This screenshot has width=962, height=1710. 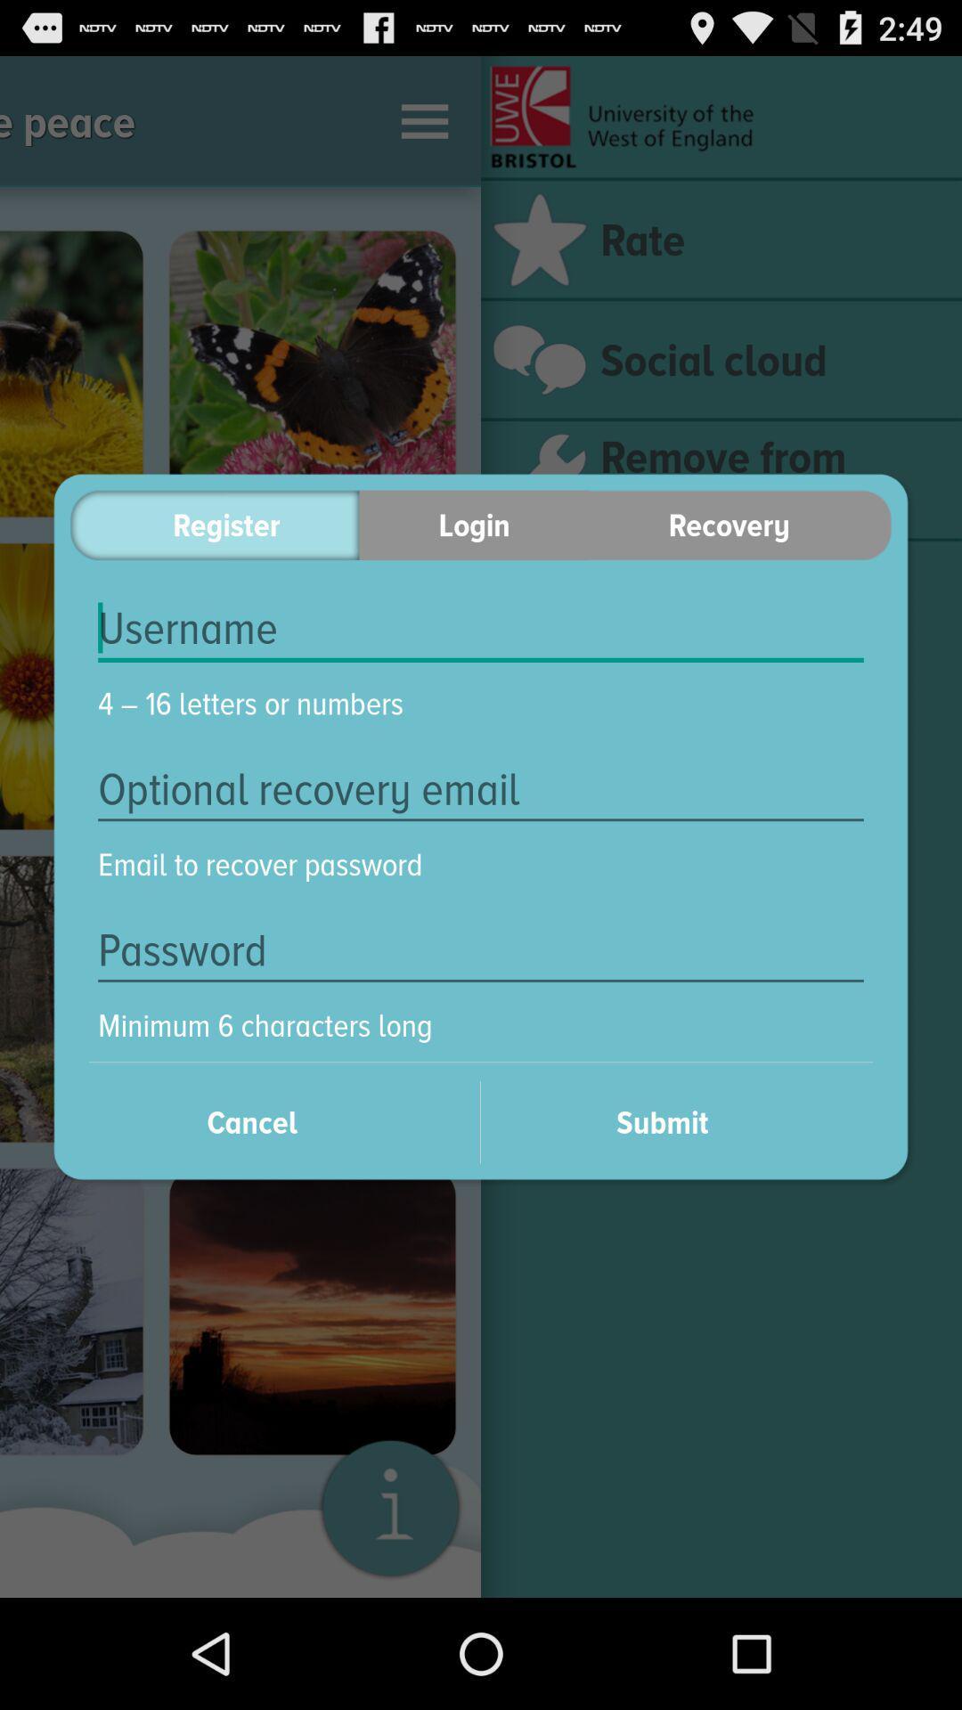 I want to click on the icon at the top left corner, so click(x=214, y=524).